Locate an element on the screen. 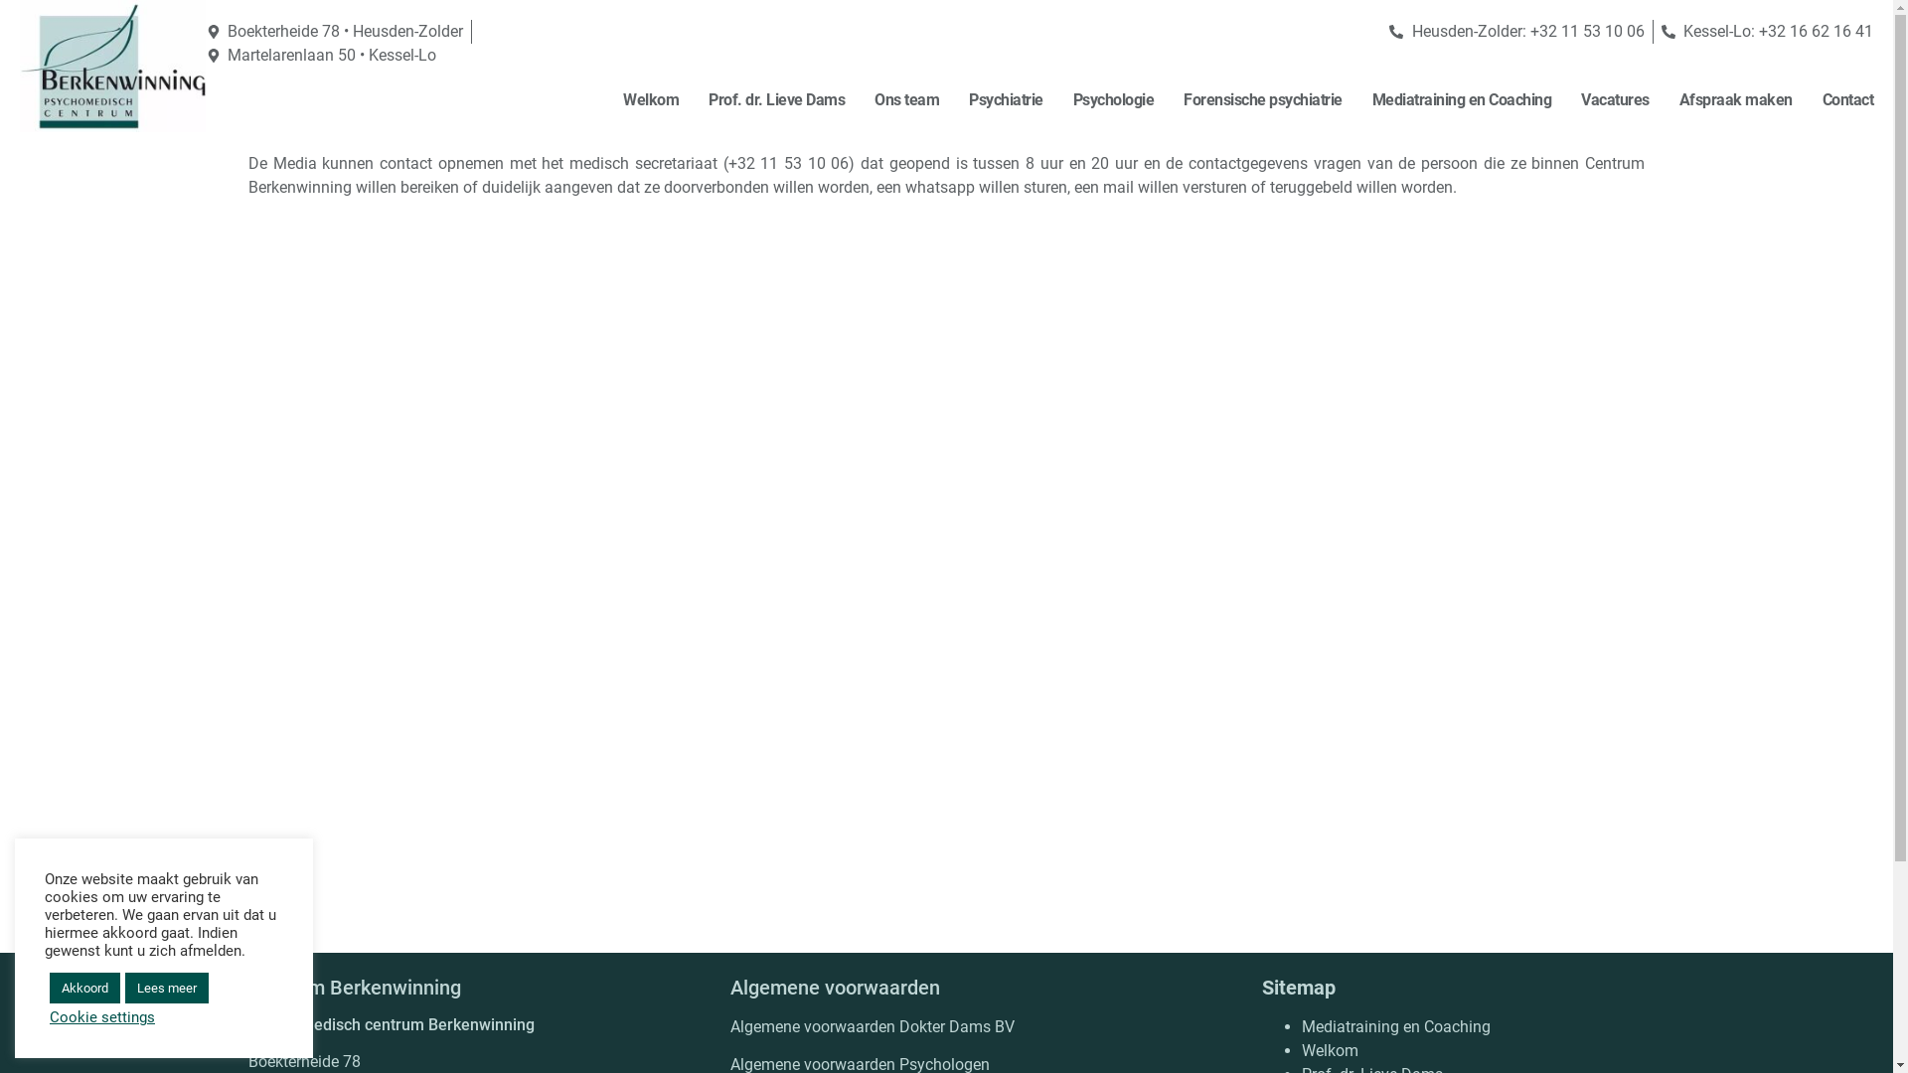 The image size is (1908, 1073). 'Vacatures' is located at coordinates (1579, 99).